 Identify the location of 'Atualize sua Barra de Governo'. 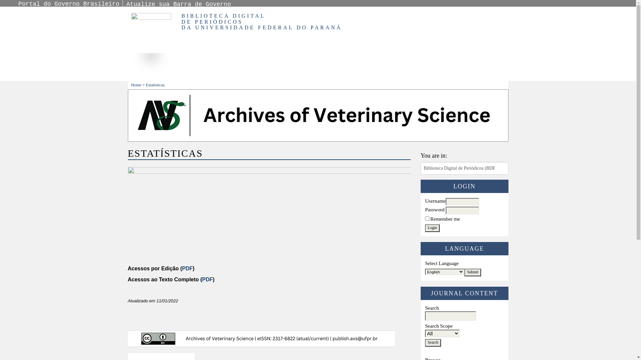
(178, 4).